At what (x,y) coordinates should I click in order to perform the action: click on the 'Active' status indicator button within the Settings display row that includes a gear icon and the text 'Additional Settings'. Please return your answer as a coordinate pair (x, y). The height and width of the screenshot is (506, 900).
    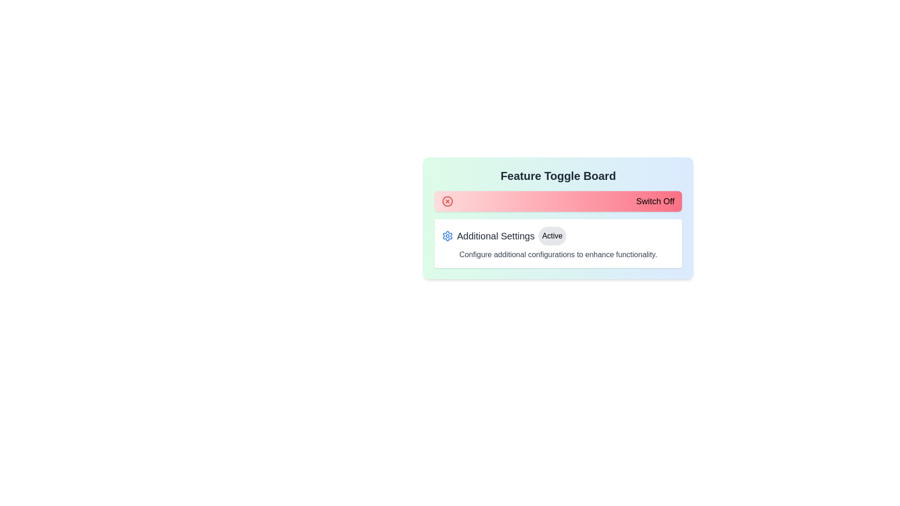
    Looking at the image, I should click on (558, 236).